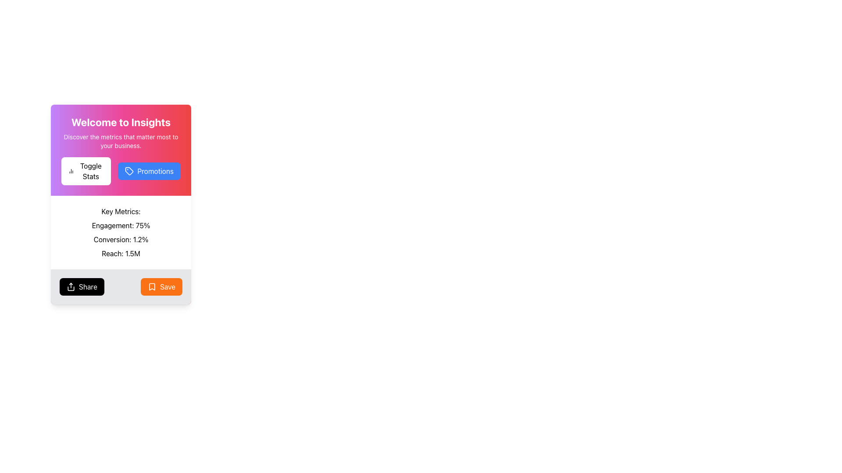 The image size is (842, 473). What do you see at coordinates (71, 171) in the screenshot?
I see `the small icon resembling a column chart located on the left side of the 'Toggle Stats' button in the upper-left section of the card layout` at bounding box center [71, 171].